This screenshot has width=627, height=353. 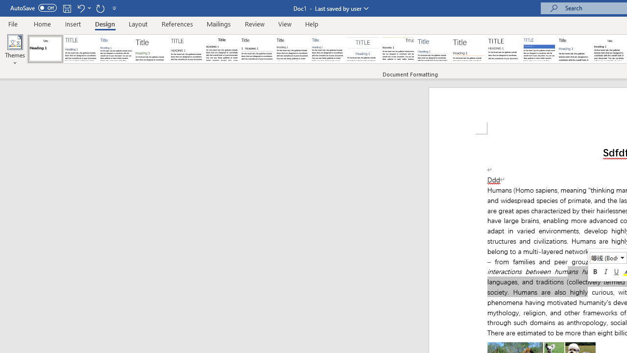 What do you see at coordinates (433, 49) in the screenshot?
I see `'Lines (Simple)'` at bounding box center [433, 49].